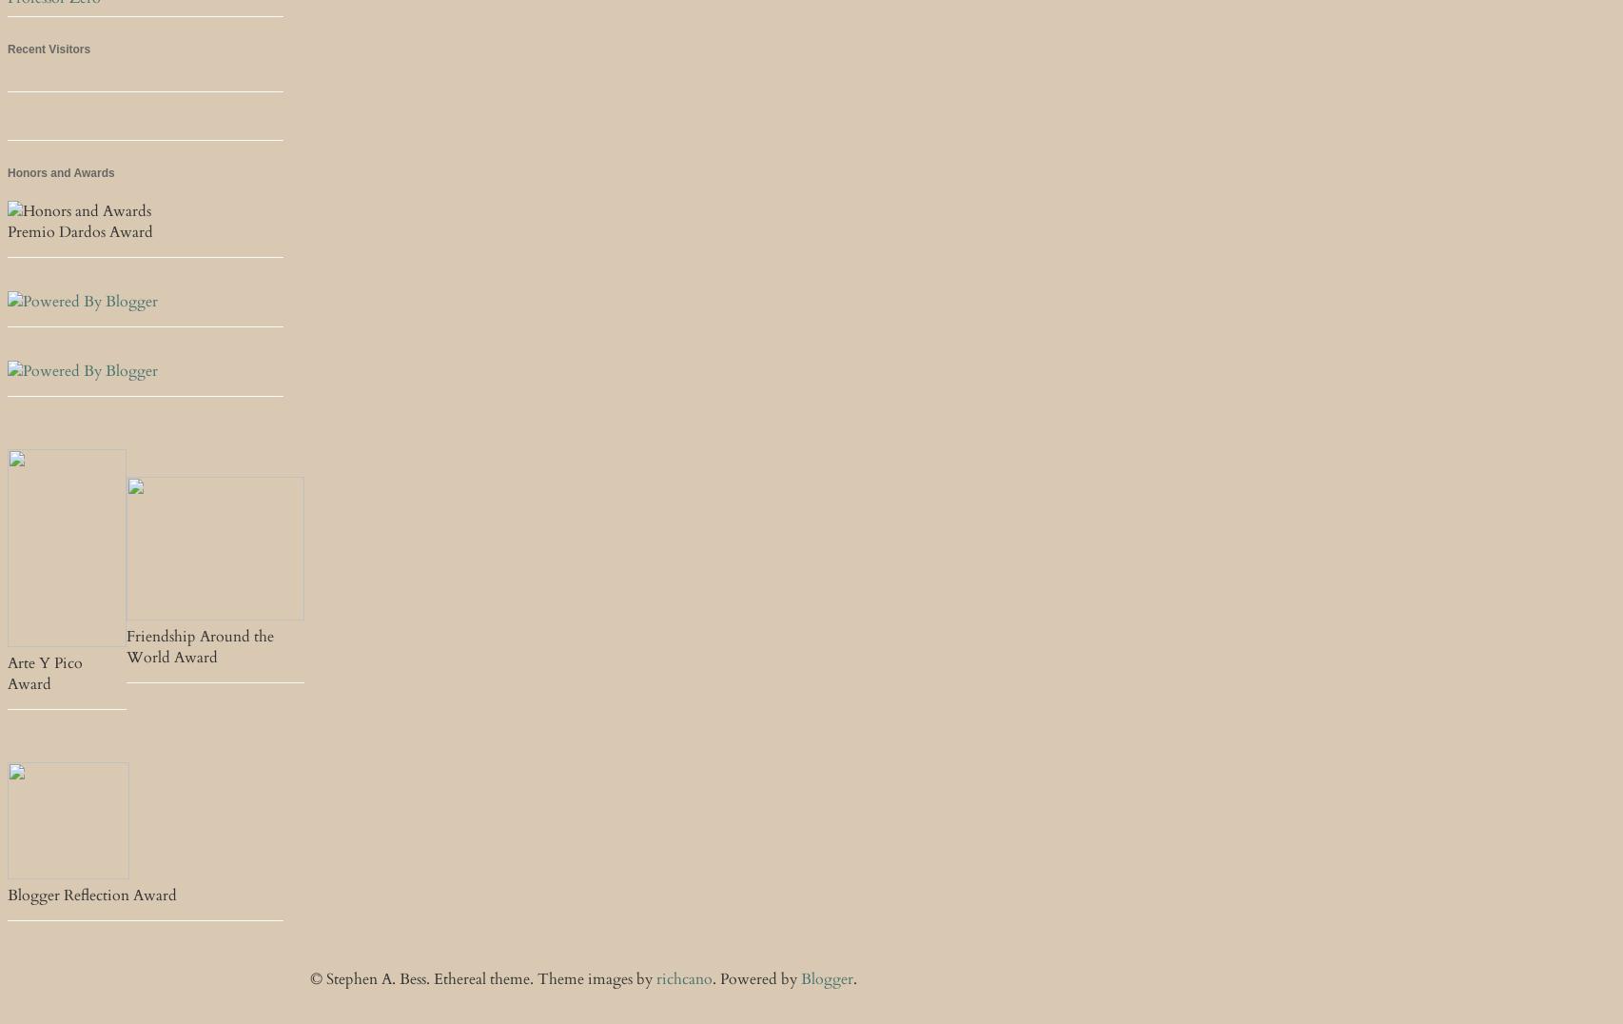 The width and height of the screenshot is (1623, 1024). What do you see at coordinates (45, 674) in the screenshot?
I see `'Arte Y Pico Award'` at bounding box center [45, 674].